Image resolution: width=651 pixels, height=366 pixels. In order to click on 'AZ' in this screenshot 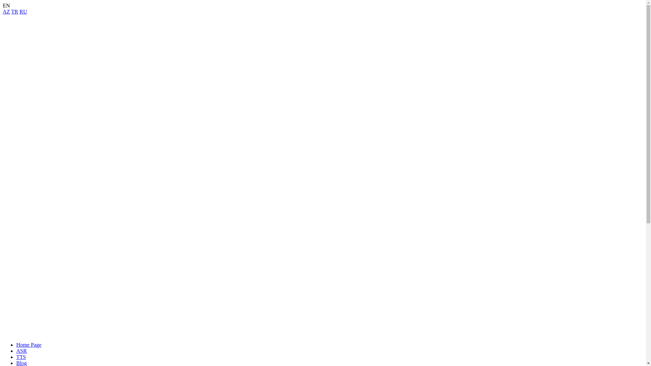, I will do `click(3, 12)`.